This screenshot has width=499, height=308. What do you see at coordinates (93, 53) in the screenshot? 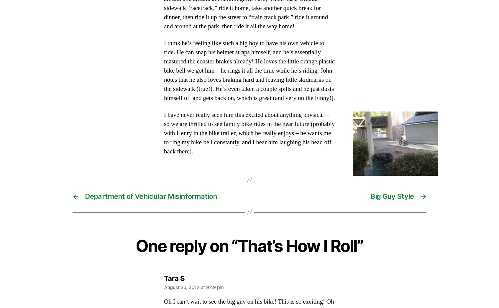
I see `'October 2009'` at bounding box center [93, 53].